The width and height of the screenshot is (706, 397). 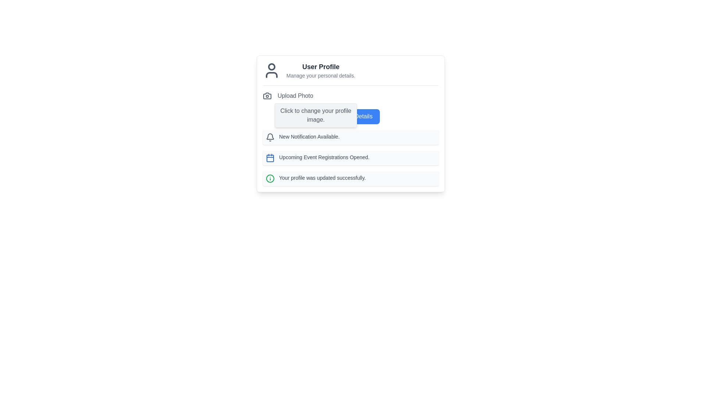 I want to click on the first notification in the notification box, so click(x=350, y=137).